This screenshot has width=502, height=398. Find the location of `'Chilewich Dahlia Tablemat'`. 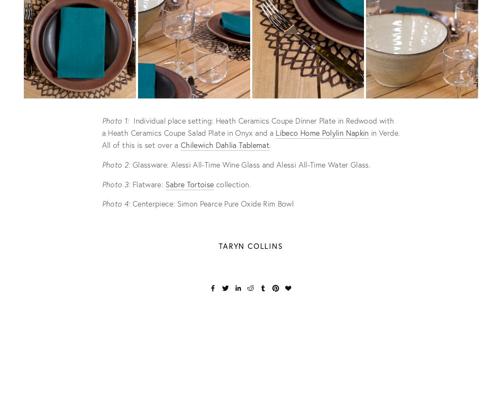

'Chilewich Dahlia Tablemat' is located at coordinates (224, 144).